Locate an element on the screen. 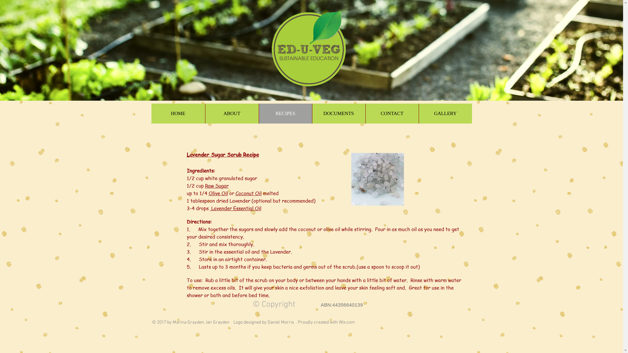 The height and width of the screenshot is (353, 628). 'RECIPES' is located at coordinates (285, 113).